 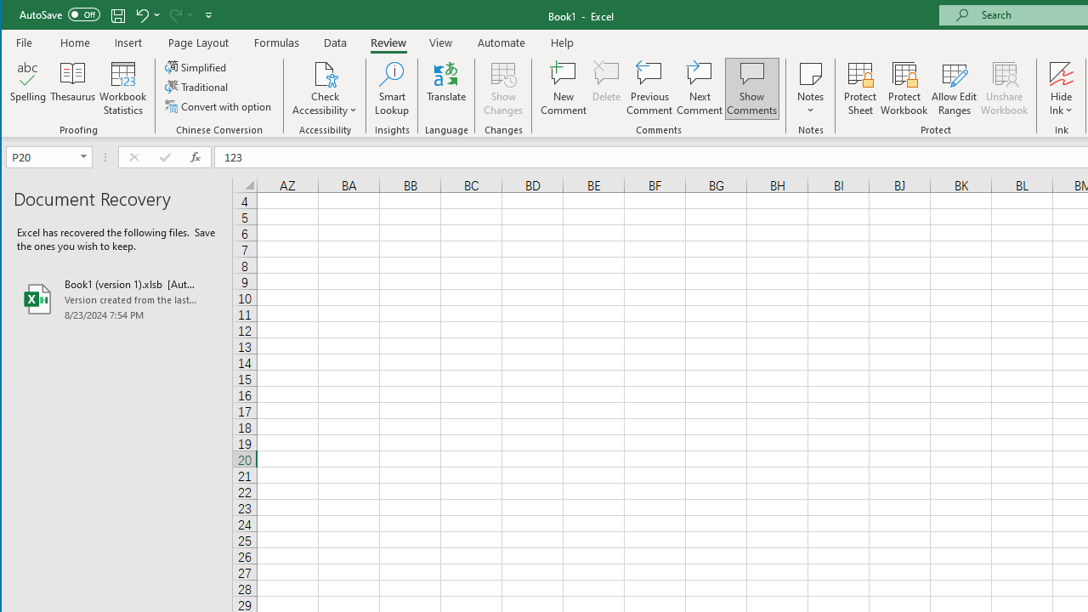 I want to click on 'Unshare Workbook', so click(x=1005, y=88).